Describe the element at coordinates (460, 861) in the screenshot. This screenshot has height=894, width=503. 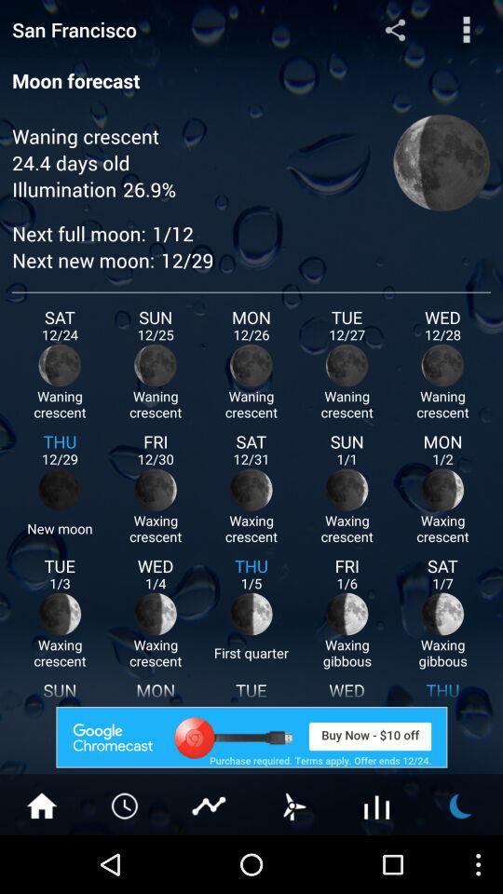
I see `the weather icon` at that location.